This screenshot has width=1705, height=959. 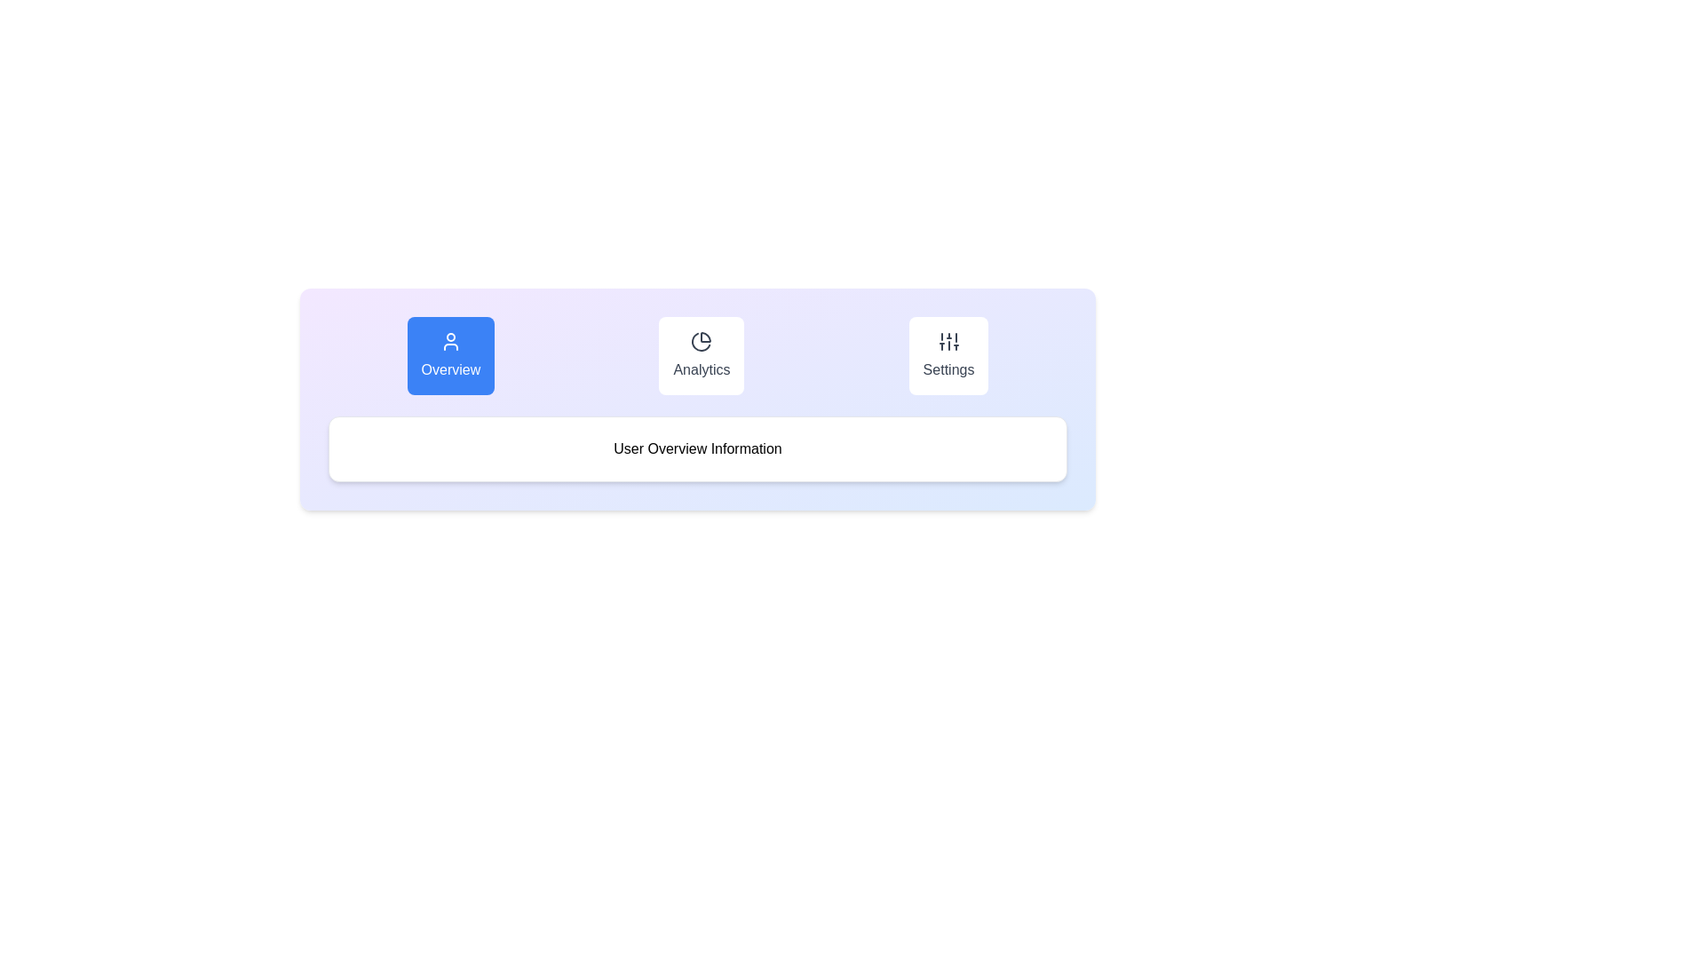 I want to click on the Analytics tab by clicking on its corresponding button, so click(x=701, y=356).